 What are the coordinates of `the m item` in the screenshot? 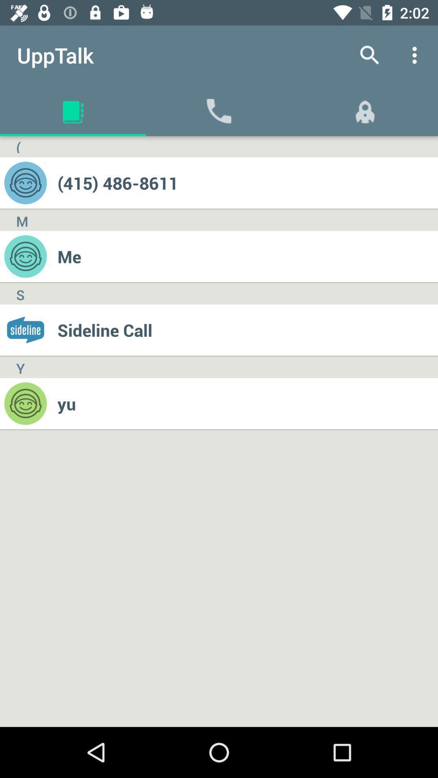 It's located at (21, 220).